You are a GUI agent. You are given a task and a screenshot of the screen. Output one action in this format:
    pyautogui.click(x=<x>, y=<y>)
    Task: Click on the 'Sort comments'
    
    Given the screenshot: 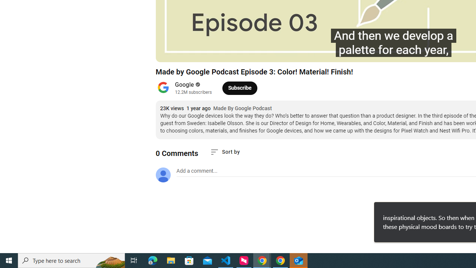 What is the action you would take?
    pyautogui.click(x=224, y=151)
    